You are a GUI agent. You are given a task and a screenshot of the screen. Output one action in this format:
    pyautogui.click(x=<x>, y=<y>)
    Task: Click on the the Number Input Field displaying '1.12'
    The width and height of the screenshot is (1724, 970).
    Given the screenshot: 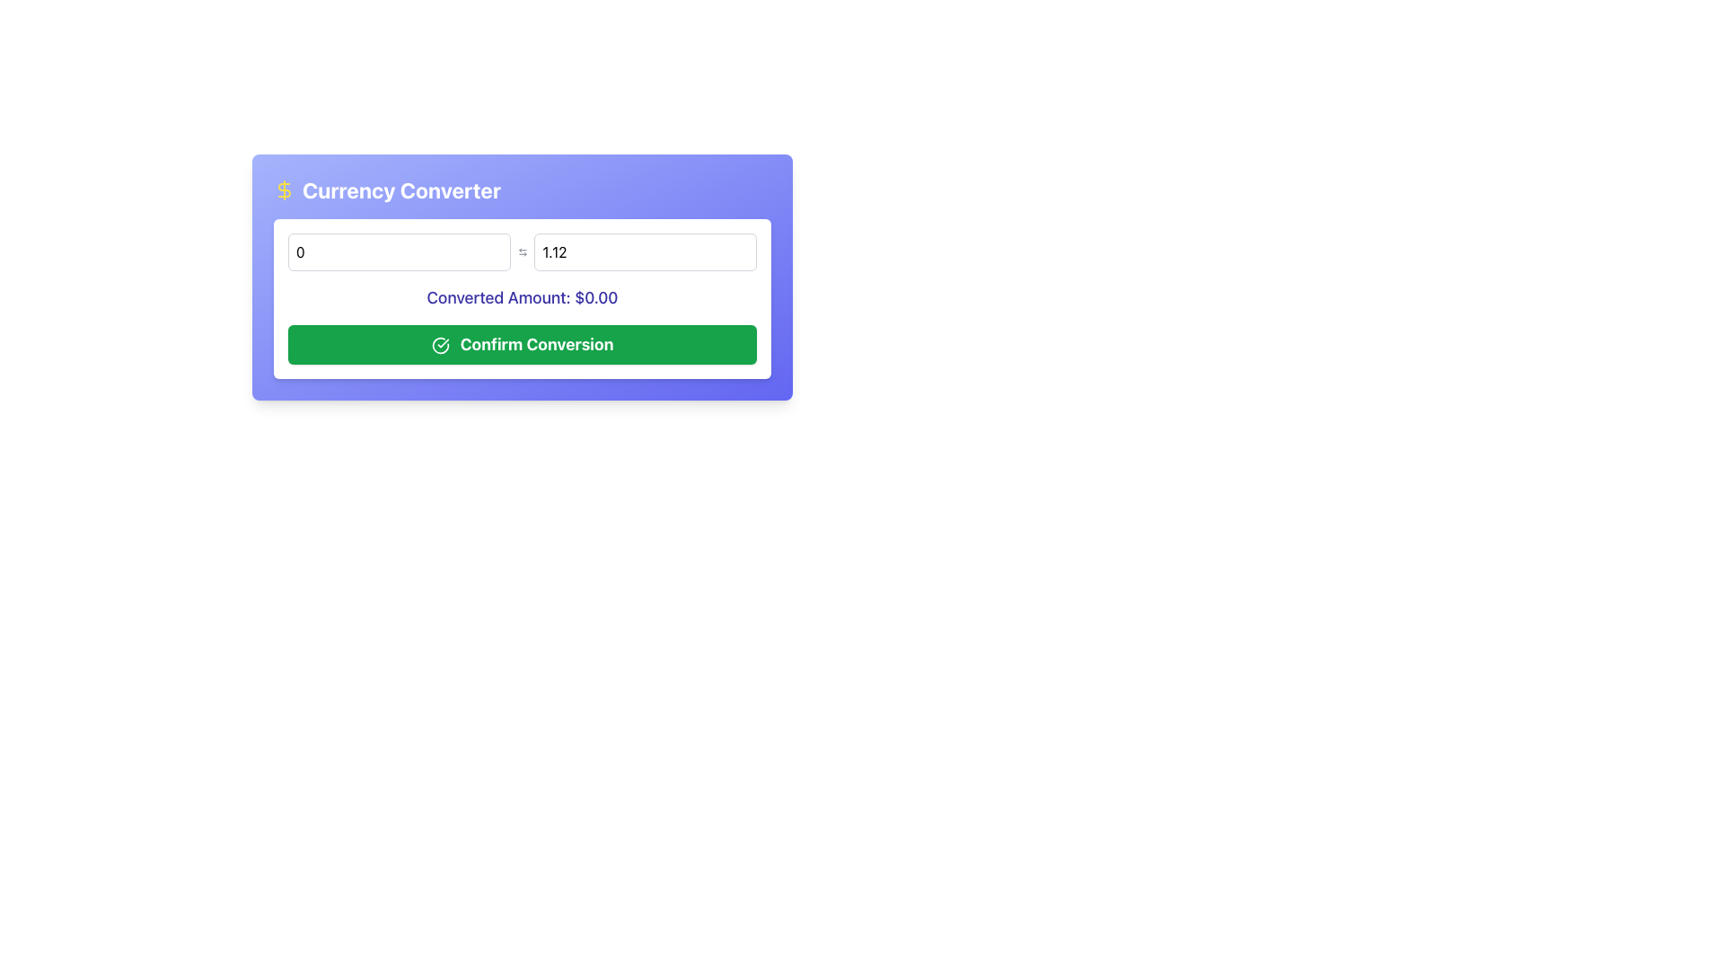 What is the action you would take?
    pyautogui.click(x=646, y=252)
    